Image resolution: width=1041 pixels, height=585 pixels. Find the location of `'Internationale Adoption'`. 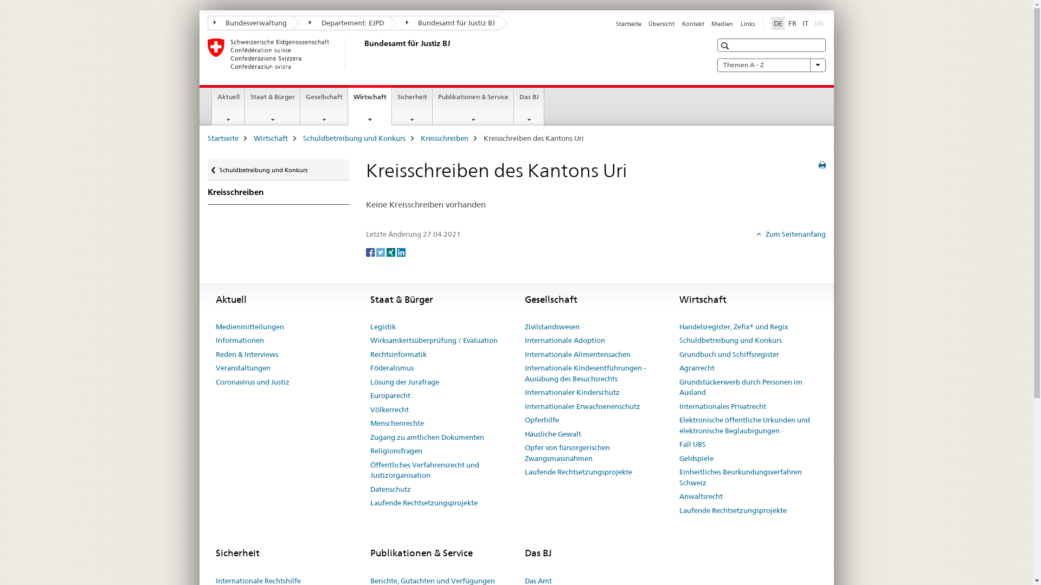

'Internationale Adoption' is located at coordinates (564, 340).